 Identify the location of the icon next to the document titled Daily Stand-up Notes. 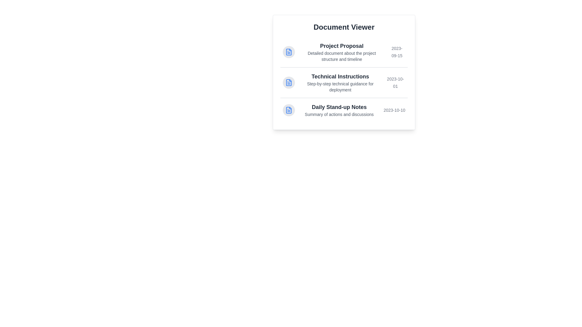
(289, 110).